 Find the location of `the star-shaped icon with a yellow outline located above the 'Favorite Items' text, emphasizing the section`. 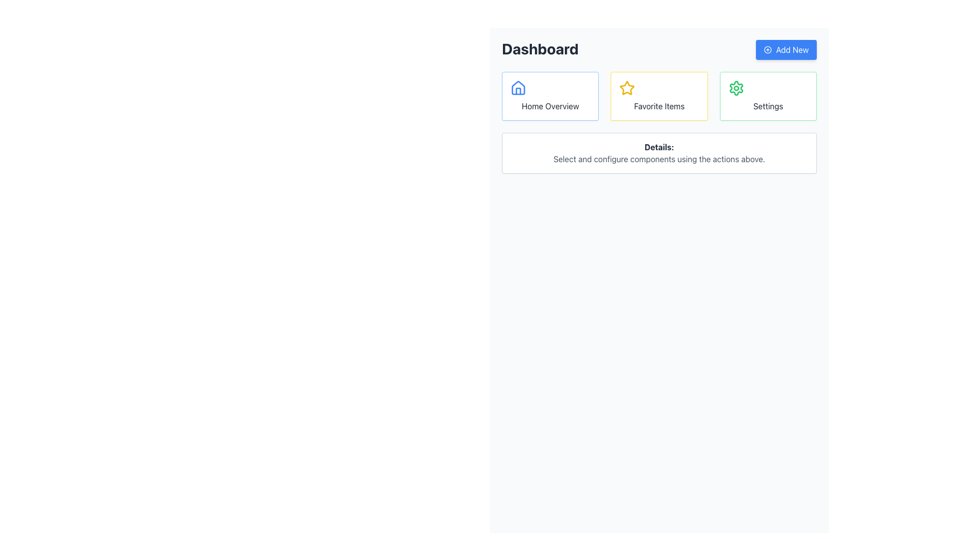

the star-shaped icon with a yellow outline located above the 'Favorite Items' text, emphasizing the section is located at coordinates (627, 88).